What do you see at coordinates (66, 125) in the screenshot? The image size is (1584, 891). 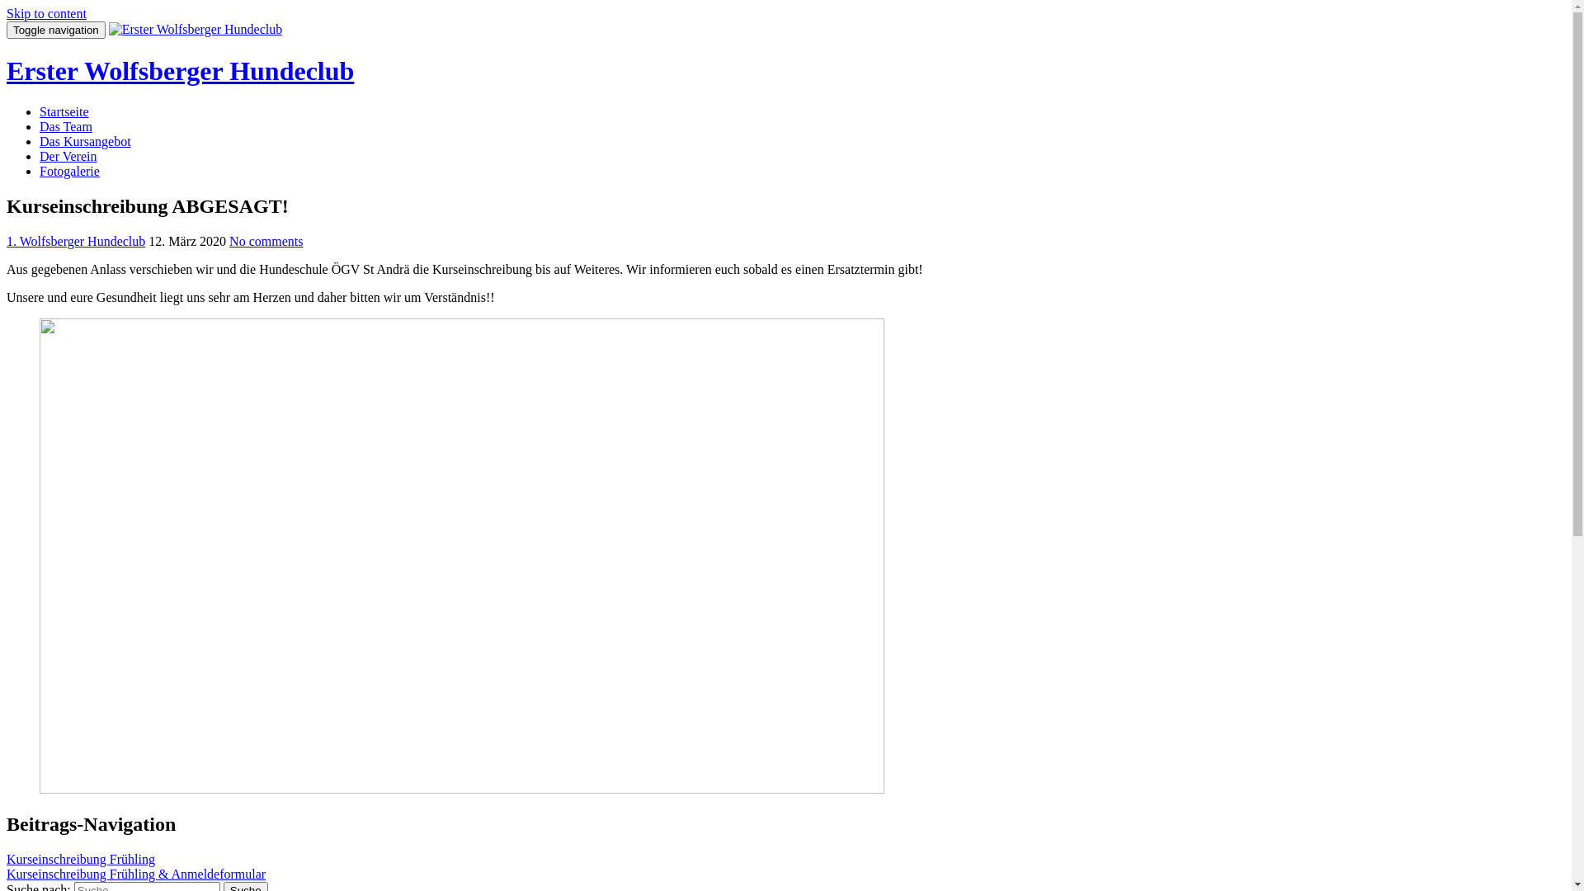 I see `'Das Team'` at bounding box center [66, 125].